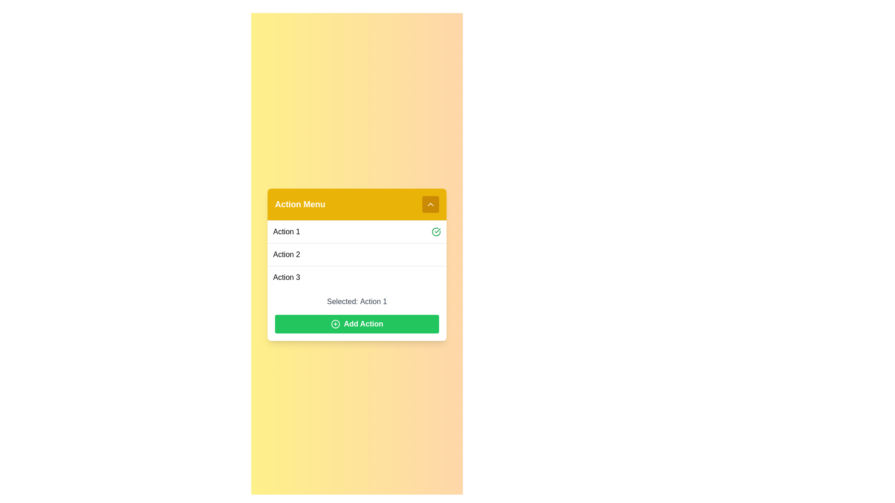  Describe the element at coordinates (357, 314) in the screenshot. I see `text label 'Selected: Action 1' located at the top of the white rounded rectangle card titled 'Action Menu' to understand the current selection` at that location.